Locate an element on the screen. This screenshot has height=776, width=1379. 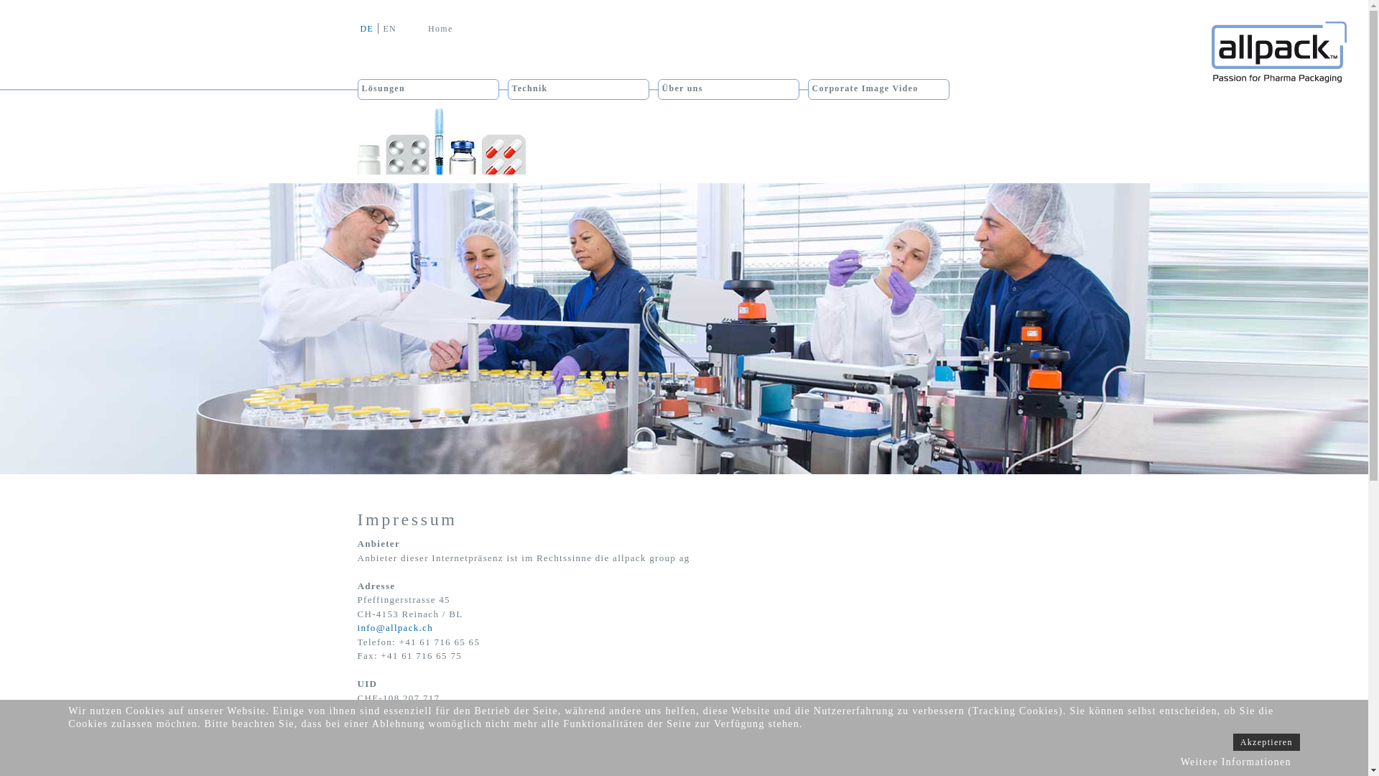
'Weitere Informationen' is located at coordinates (1235, 761).